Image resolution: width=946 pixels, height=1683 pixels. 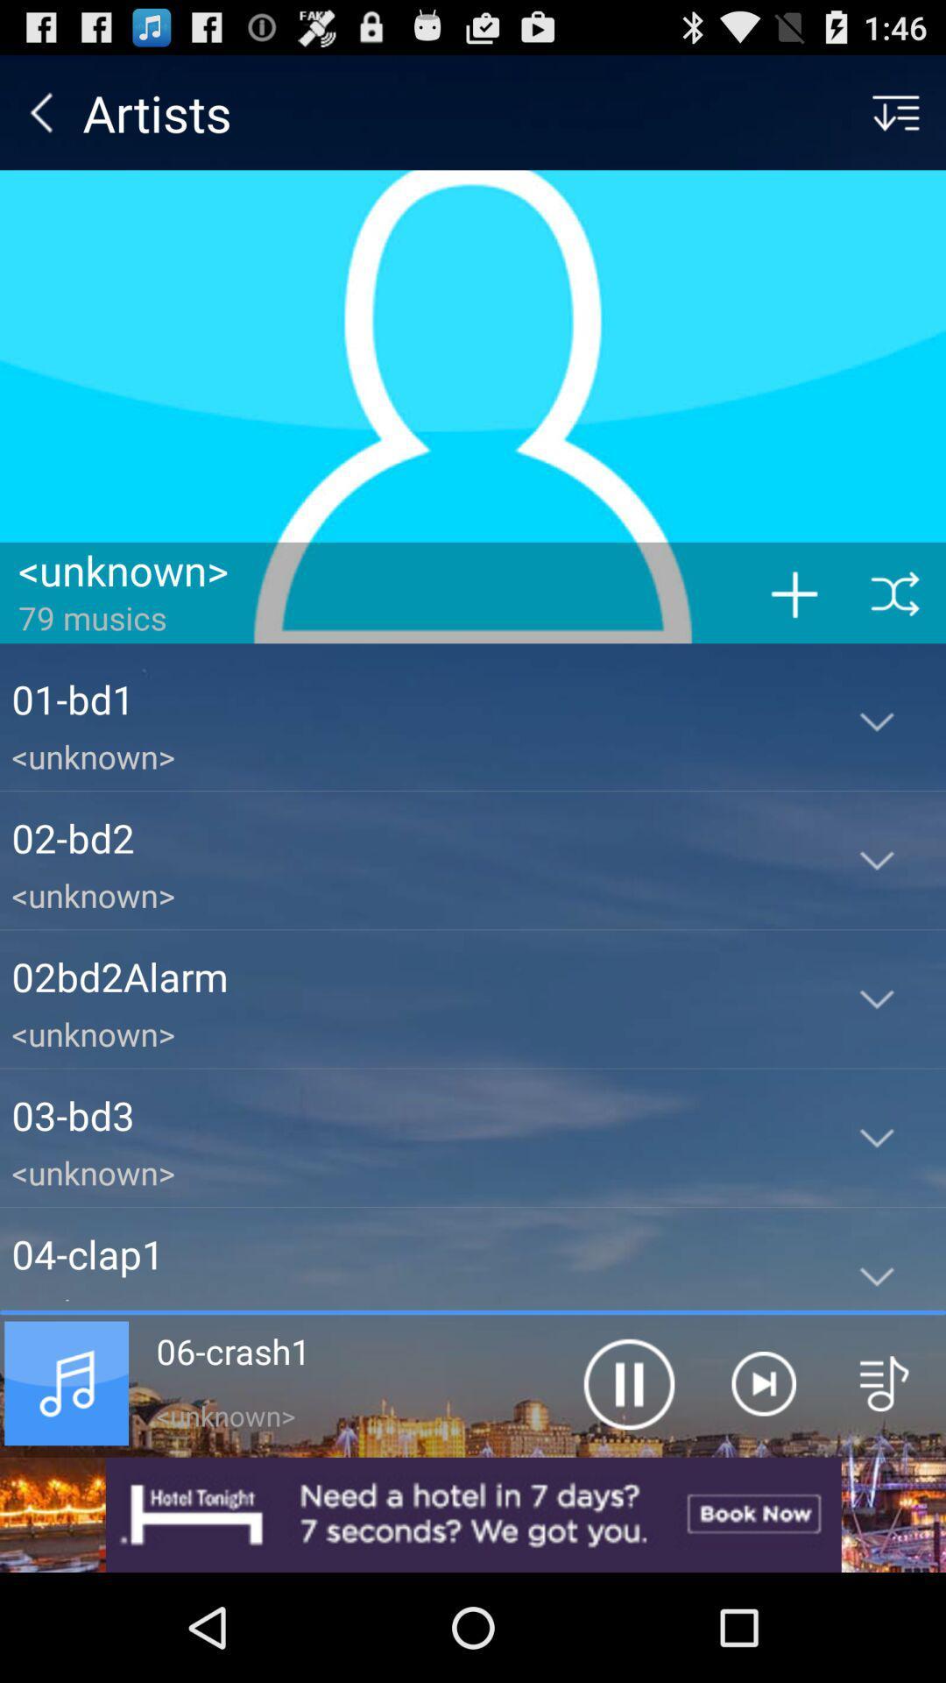 I want to click on the playlist icon, so click(x=885, y=1480).